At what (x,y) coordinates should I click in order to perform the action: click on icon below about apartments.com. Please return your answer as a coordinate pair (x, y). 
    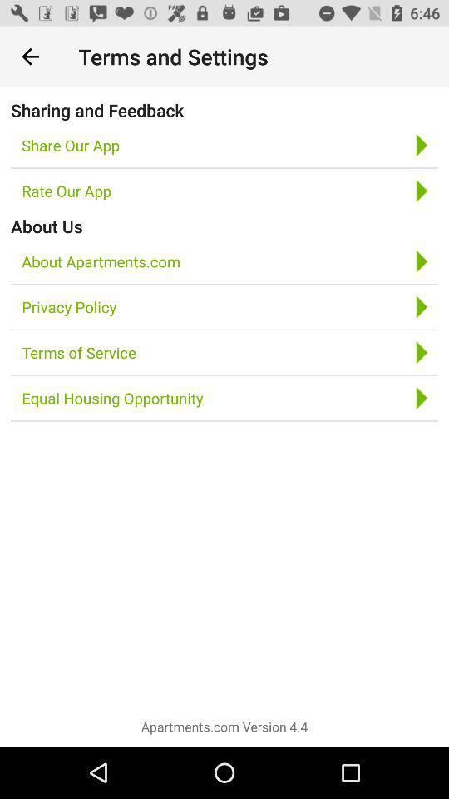
    Looking at the image, I should click on (68, 306).